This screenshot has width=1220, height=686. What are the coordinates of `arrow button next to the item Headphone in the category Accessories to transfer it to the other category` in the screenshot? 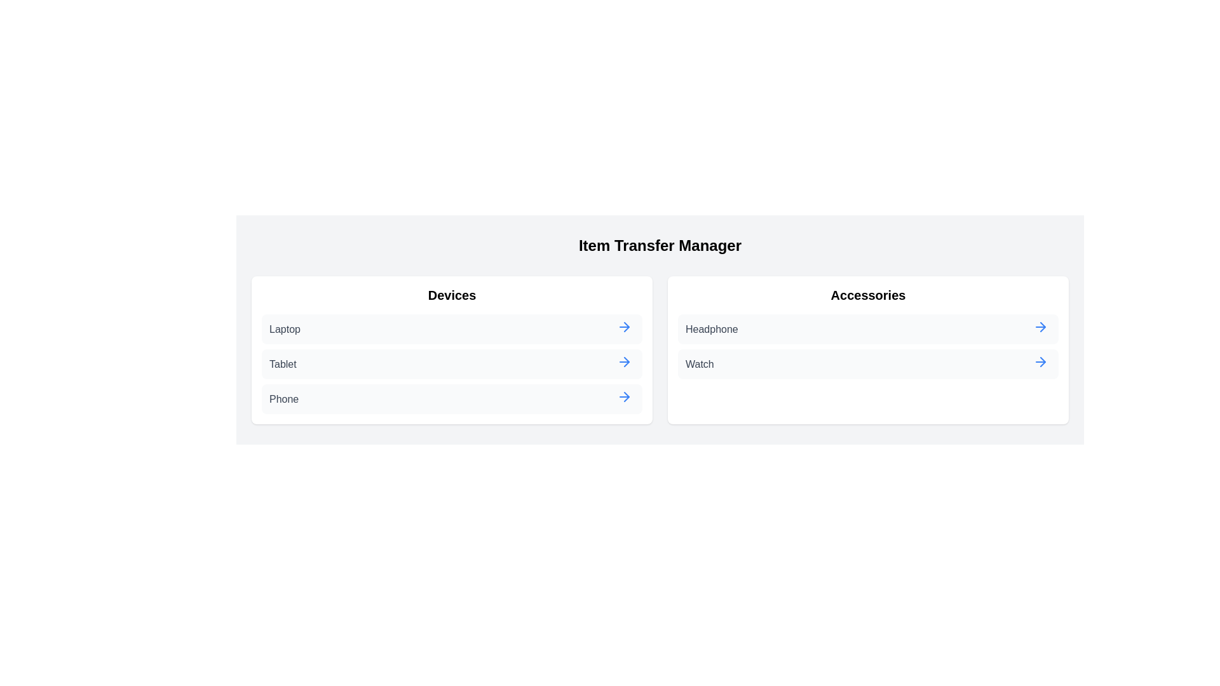 It's located at (1040, 326).